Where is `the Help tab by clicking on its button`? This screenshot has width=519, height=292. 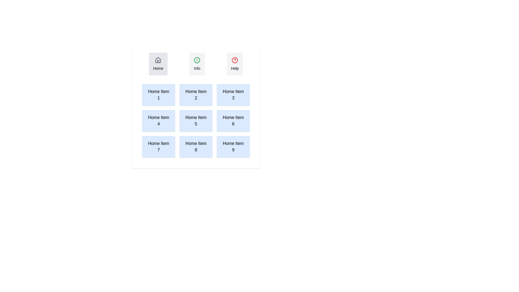
the Help tab by clicking on its button is located at coordinates (235, 64).